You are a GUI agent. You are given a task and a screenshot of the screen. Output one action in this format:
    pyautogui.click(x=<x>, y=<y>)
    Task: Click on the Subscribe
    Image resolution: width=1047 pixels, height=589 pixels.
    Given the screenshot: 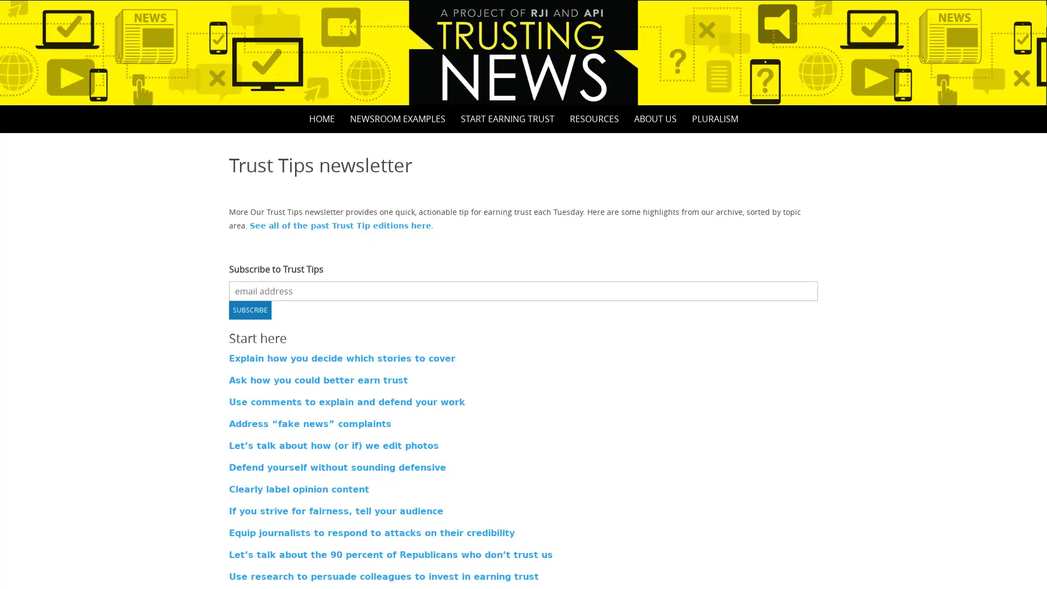 What is the action you would take?
    pyautogui.click(x=250, y=309)
    